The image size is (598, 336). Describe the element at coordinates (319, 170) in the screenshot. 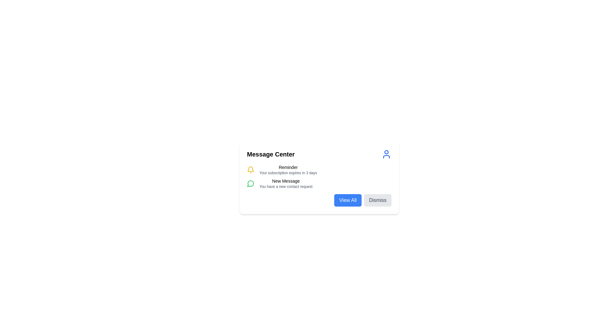

I see `details of the first notification regarding subscription expiry in the 'Message Center' section` at that location.